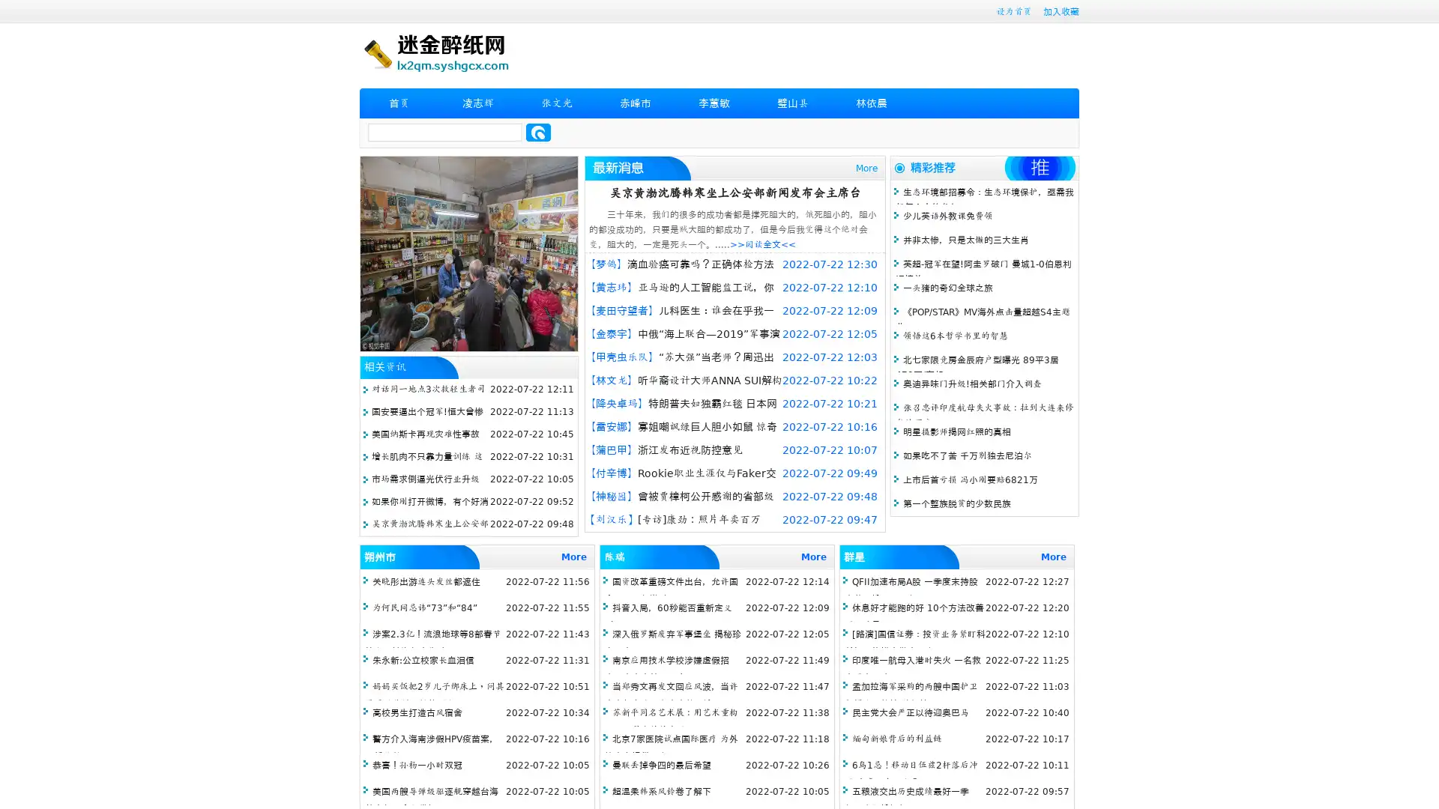 The image size is (1439, 809). What do you see at coordinates (538, 132) in the screenshot?
I see `Search` at bounding box center [538, 132].